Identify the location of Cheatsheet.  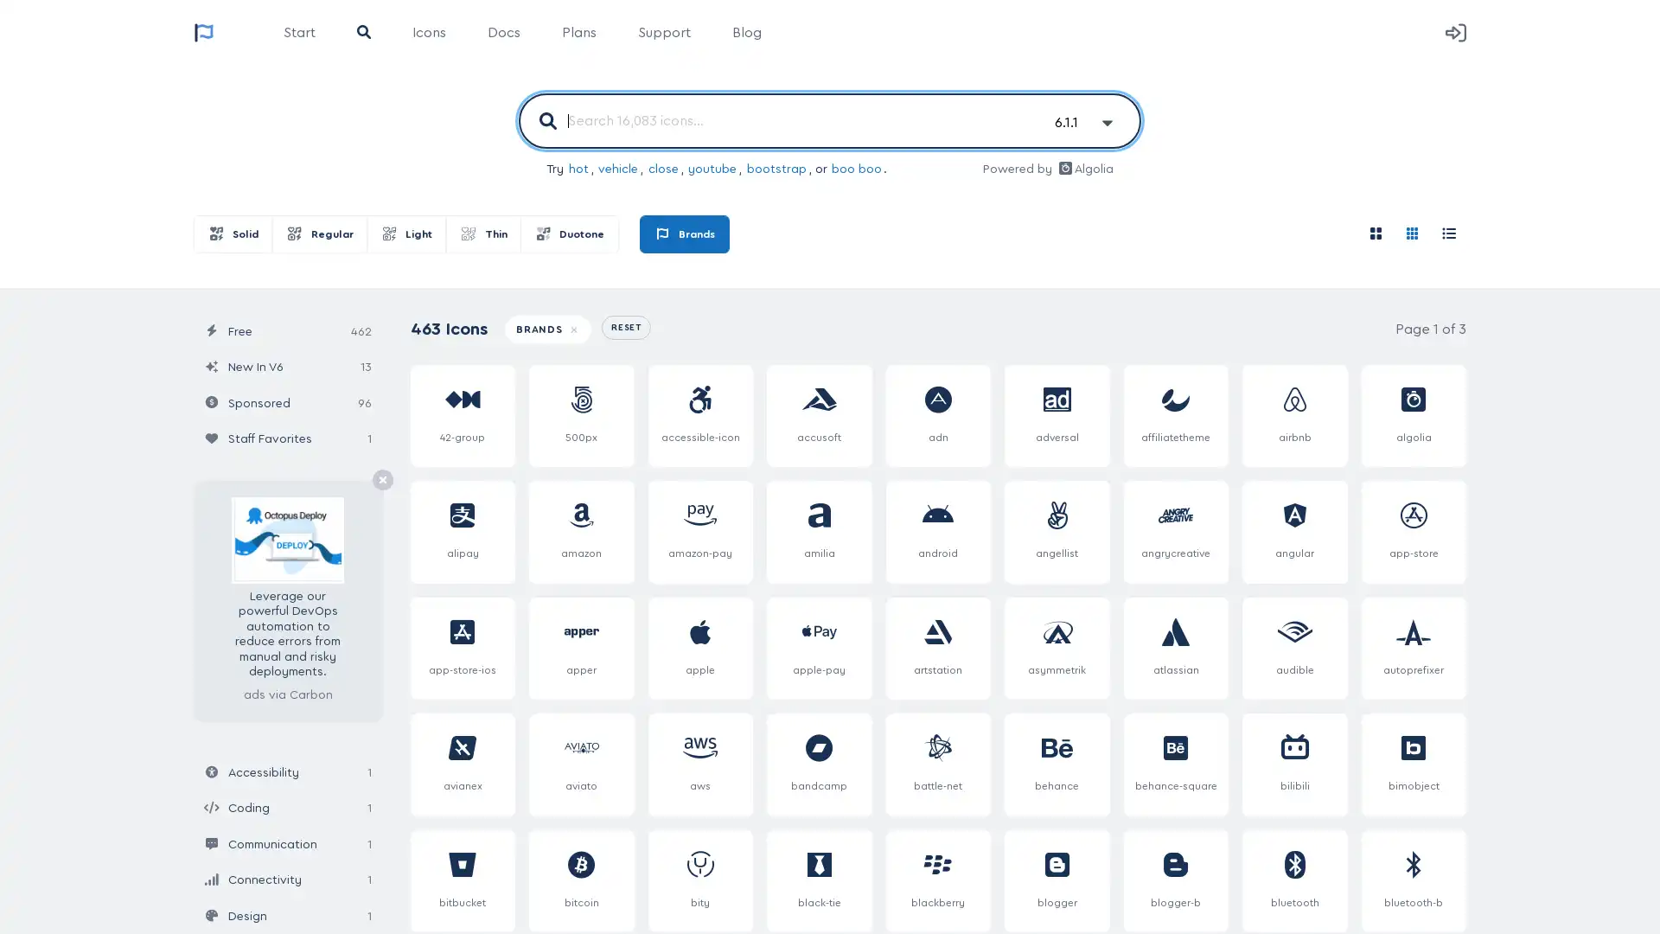
(1444, 240).